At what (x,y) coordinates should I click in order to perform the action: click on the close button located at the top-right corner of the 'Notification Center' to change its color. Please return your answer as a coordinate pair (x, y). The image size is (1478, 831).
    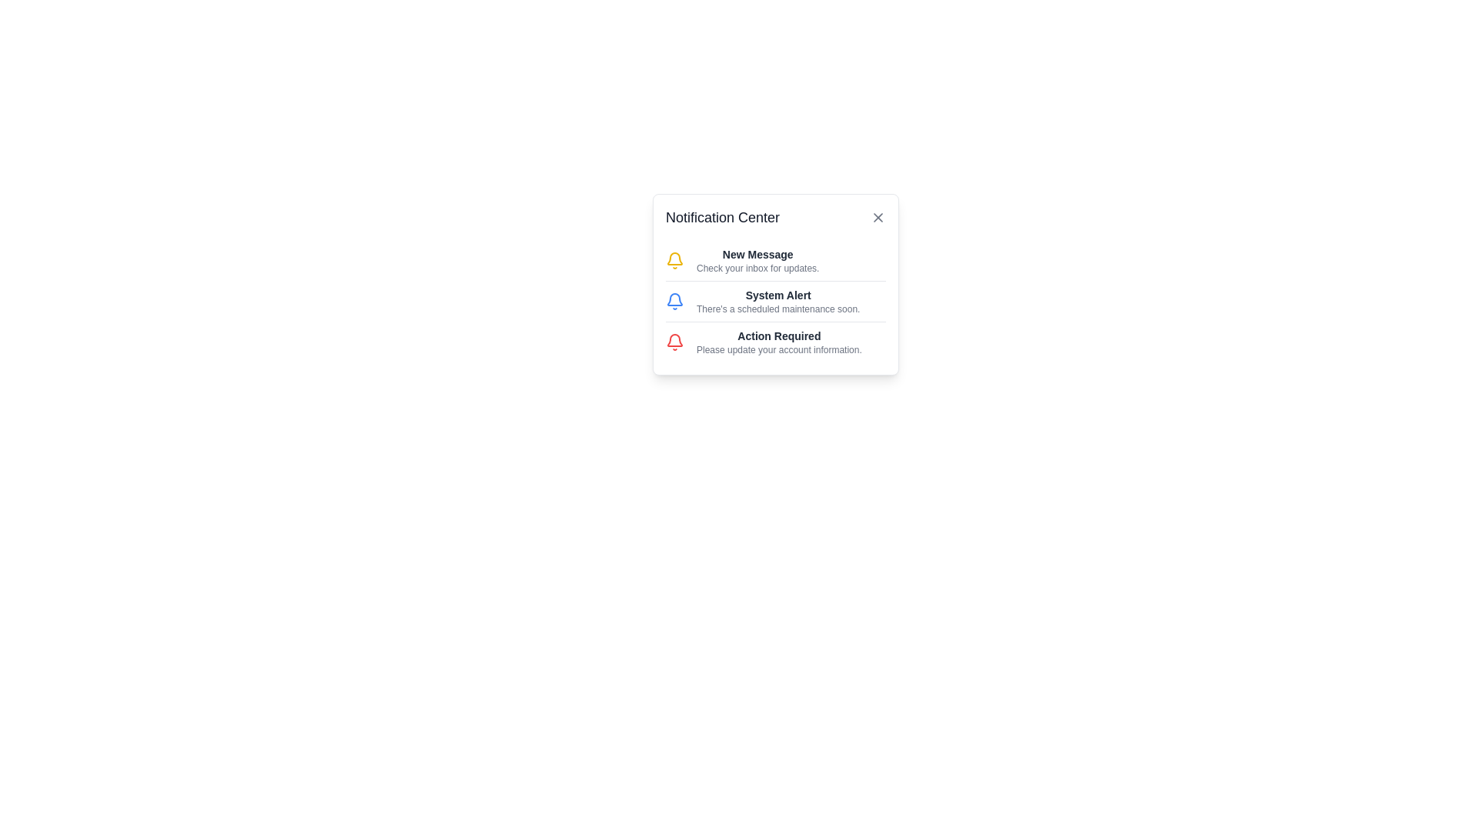
    Looking at the image, I should click on (878, 217).